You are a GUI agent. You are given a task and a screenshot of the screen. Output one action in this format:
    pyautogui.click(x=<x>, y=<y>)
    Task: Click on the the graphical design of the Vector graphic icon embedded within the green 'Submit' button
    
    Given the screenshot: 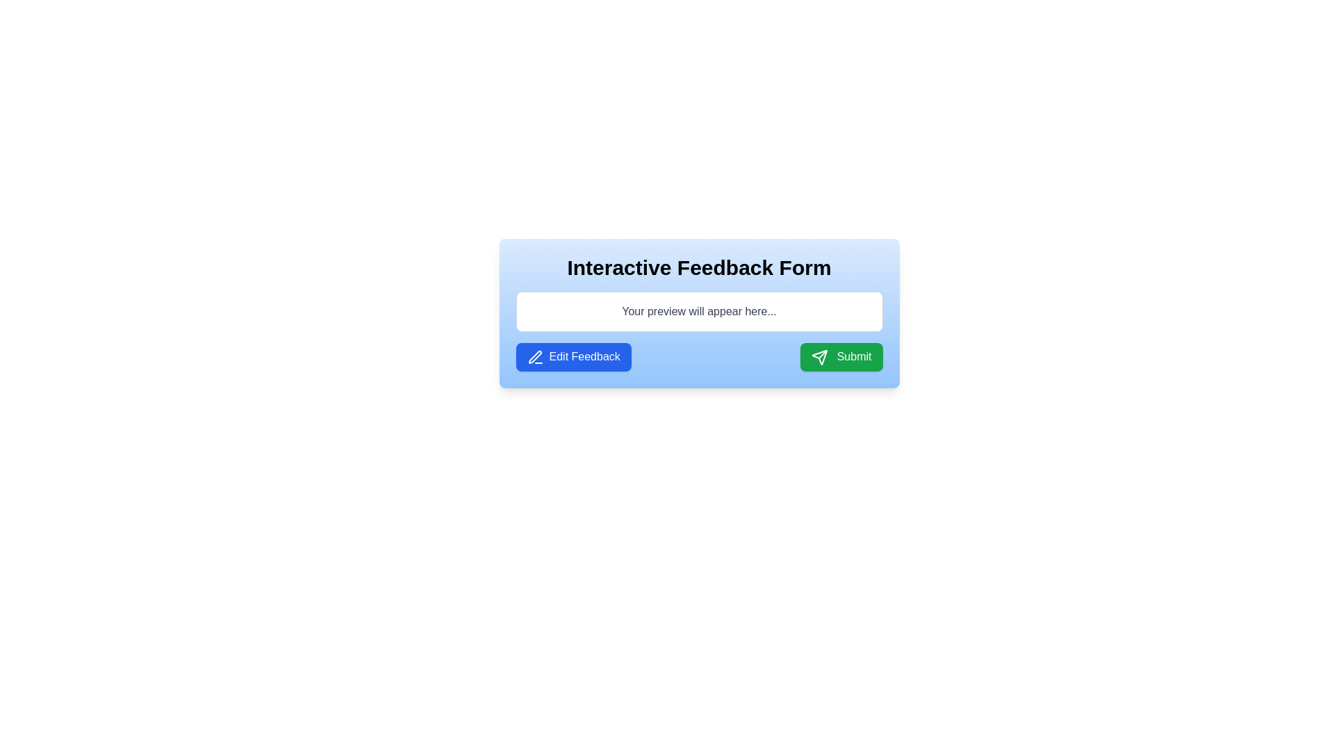 What is the action you would take?
    pyautogui.click(x=820, y=356)
    